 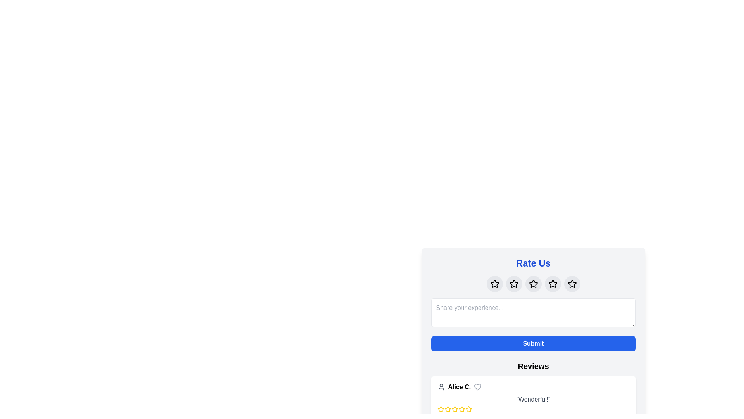 What do you see at coordinates (552, 284) in the screenshot?
I see `the fourth star-shaped rating icon located on the right side of a row of five star icons` at bounding box center [552, 284].